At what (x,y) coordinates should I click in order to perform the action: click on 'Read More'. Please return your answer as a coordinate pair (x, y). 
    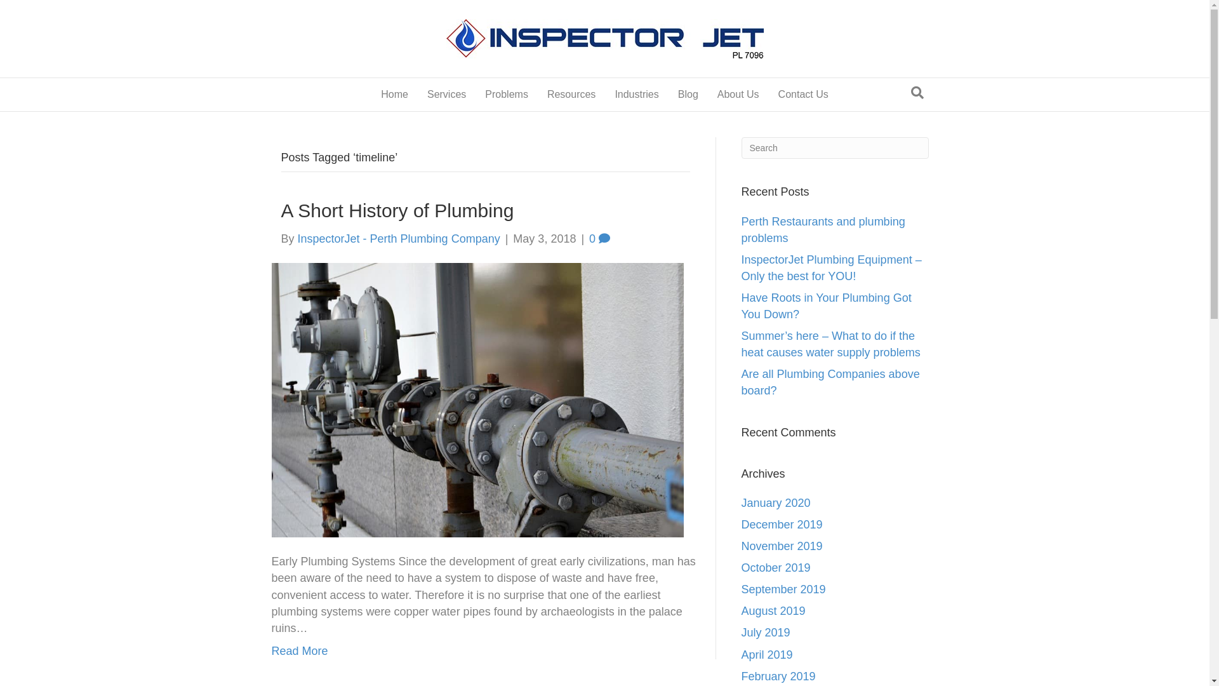
    Looking at the image, I should click on (299, 651).